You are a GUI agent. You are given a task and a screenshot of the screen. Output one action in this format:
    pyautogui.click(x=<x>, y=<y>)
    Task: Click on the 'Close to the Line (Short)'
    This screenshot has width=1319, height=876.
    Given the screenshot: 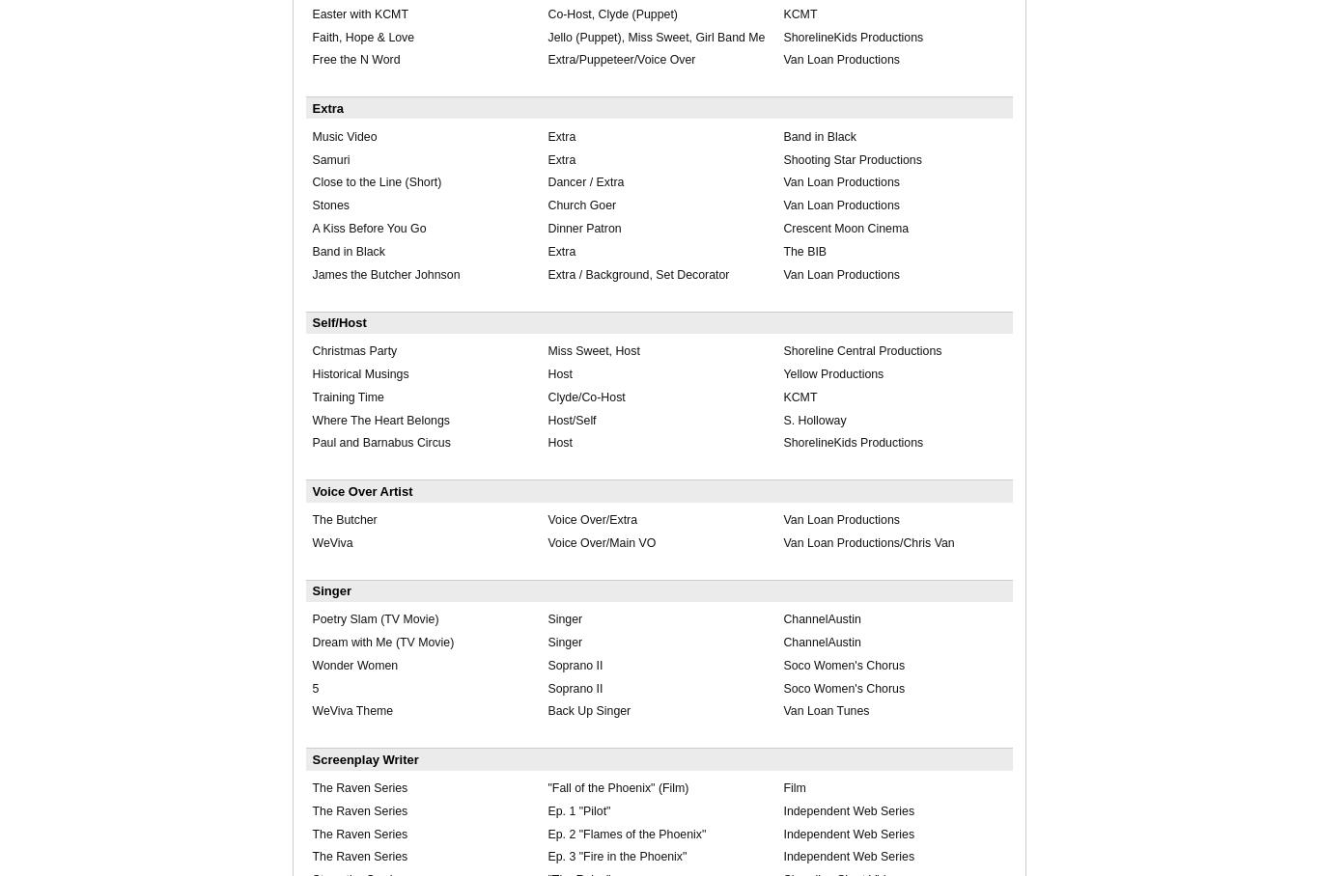 What is the action you would take?
    pyautogui.click(x=375, y=180)
    